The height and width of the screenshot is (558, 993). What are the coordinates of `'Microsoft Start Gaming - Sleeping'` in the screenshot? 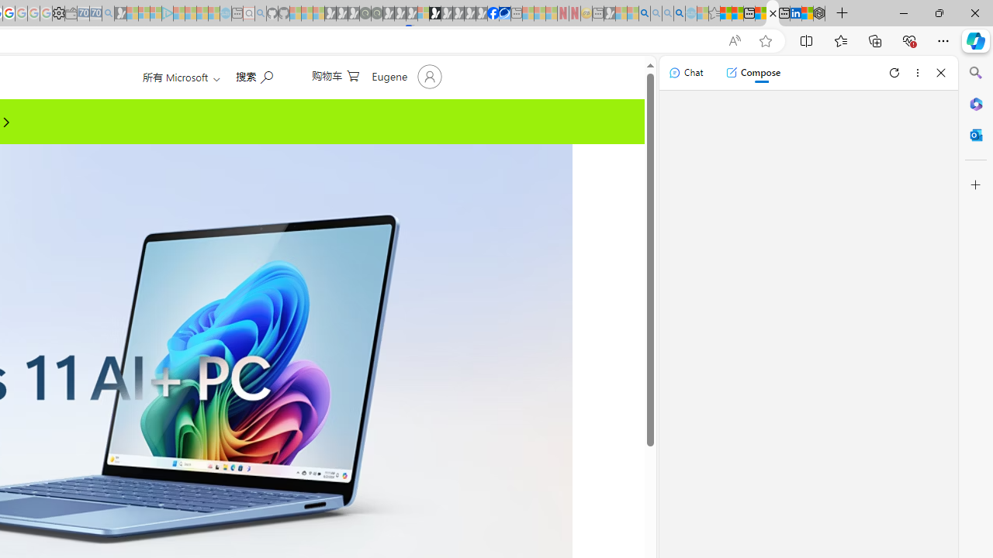 It's located at (119, 13).